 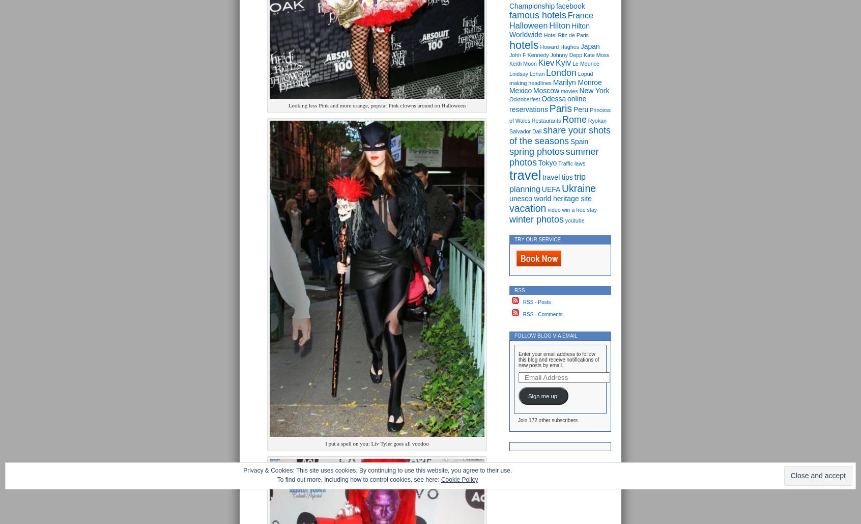 I want to click on 'travel', so click(x=508, y=175).